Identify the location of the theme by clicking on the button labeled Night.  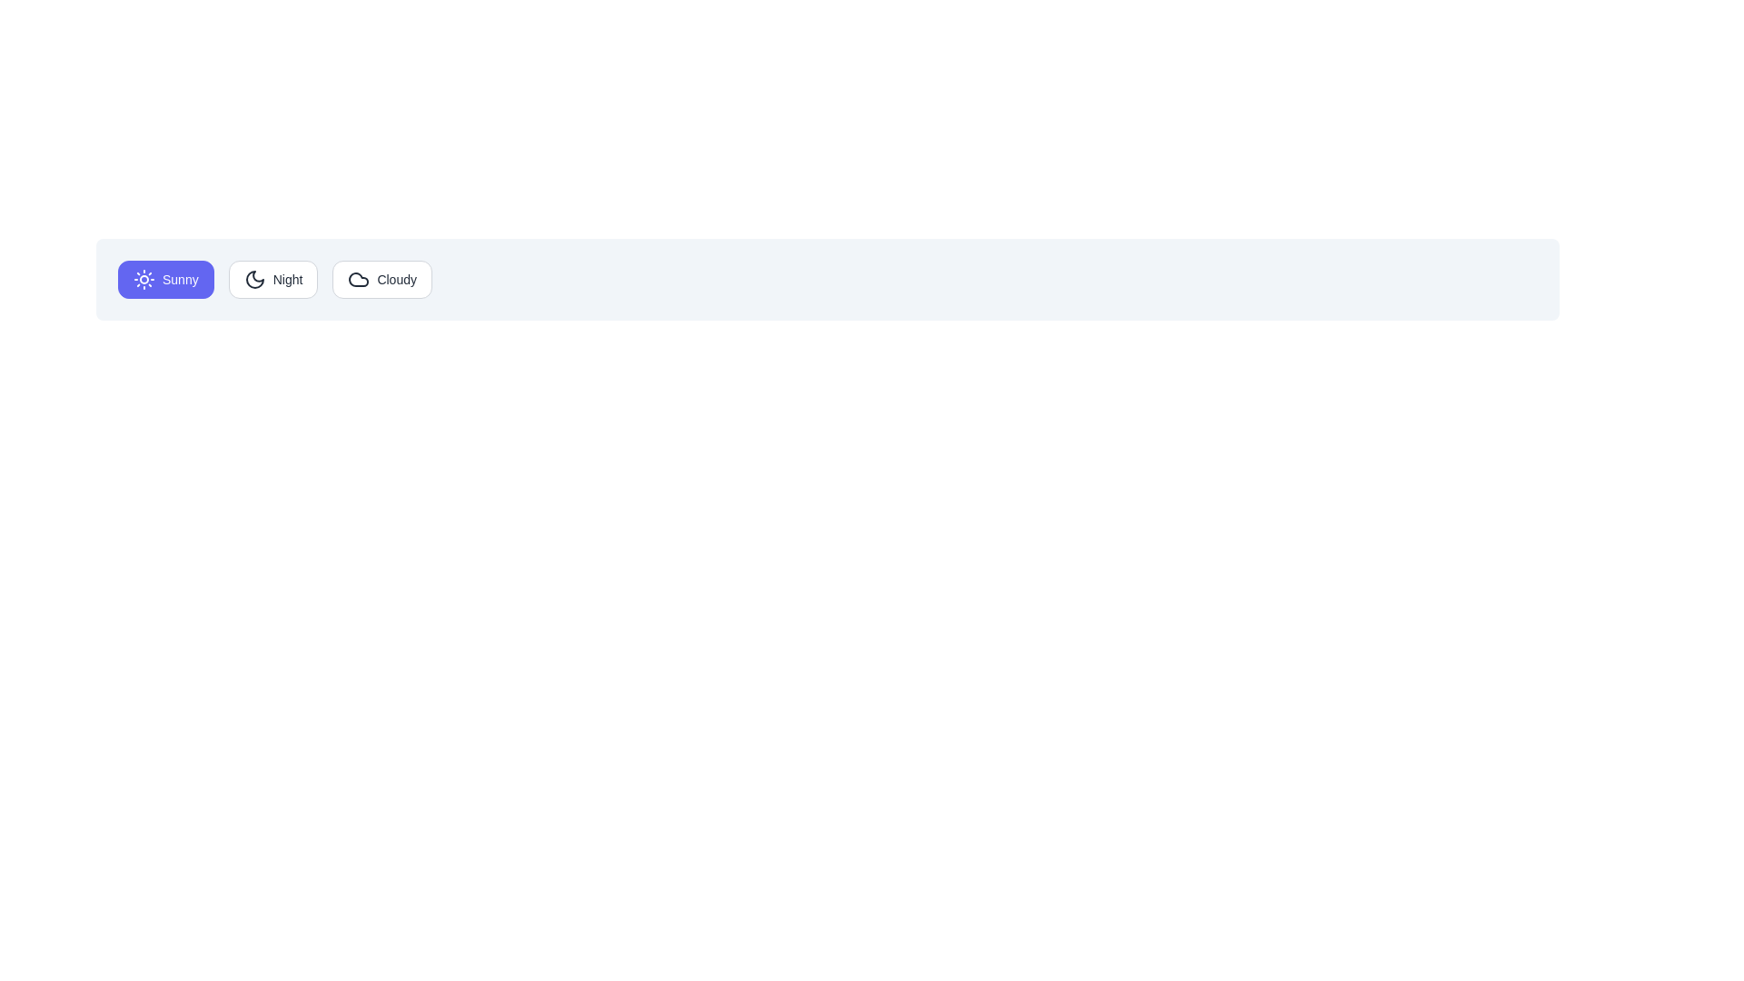
(272, 280).